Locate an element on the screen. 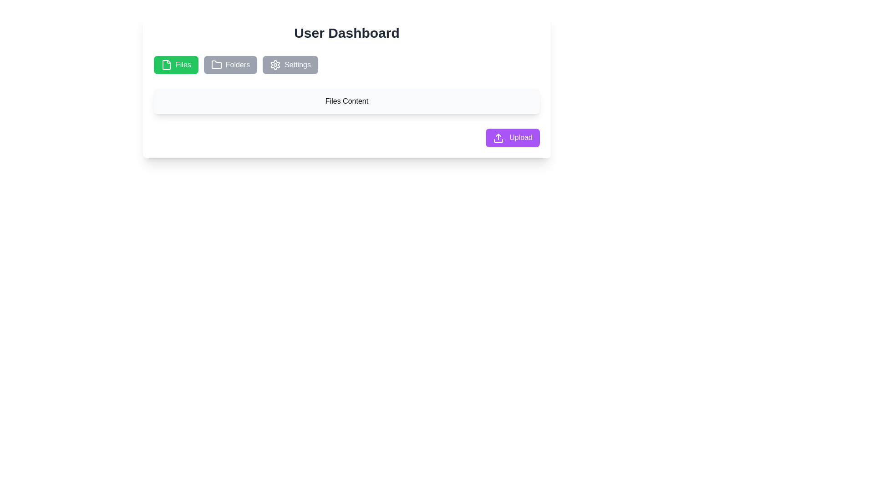  the 'Upload' button icon, which features an upward arrow inside a rectangular shape styled in purple and white, located at the bottom-right corner of the interface is located at coordinates (498, 138).